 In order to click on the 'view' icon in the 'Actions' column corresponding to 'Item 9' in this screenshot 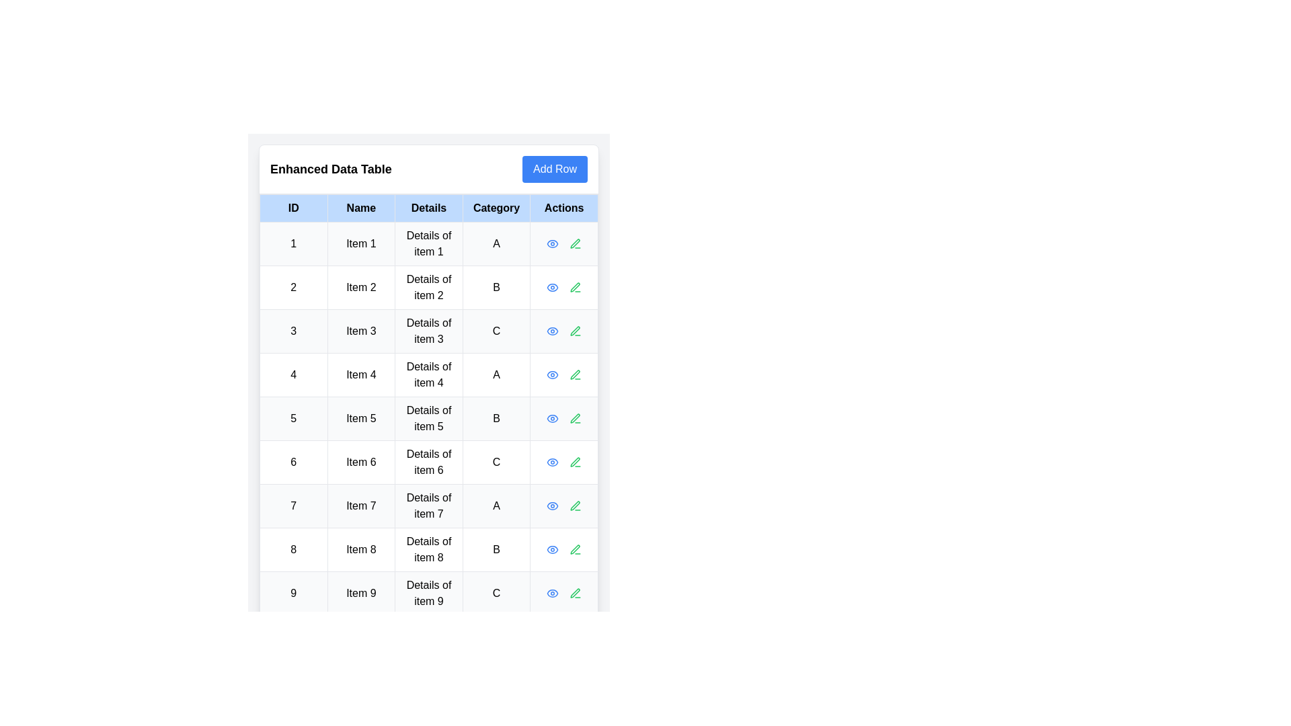, I will do `click(552, 593)`.